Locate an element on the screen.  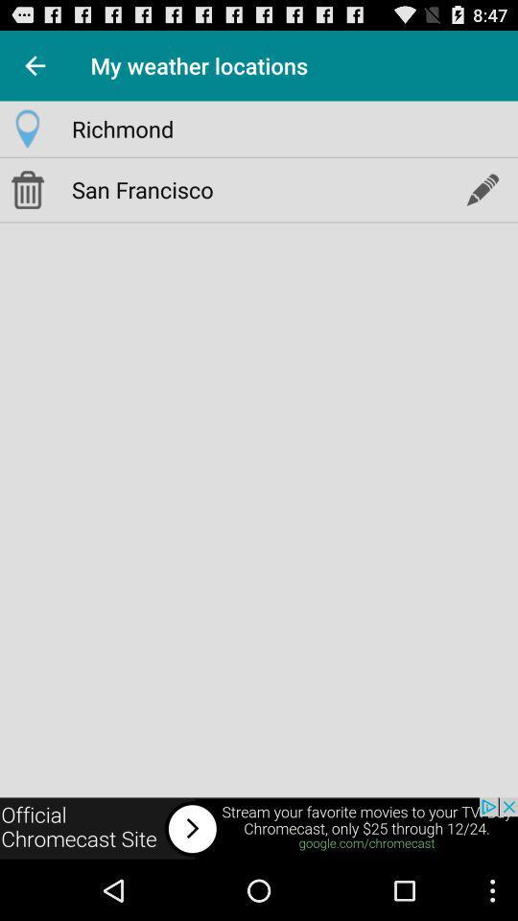
the writing button is located at coordinates (481, 189).